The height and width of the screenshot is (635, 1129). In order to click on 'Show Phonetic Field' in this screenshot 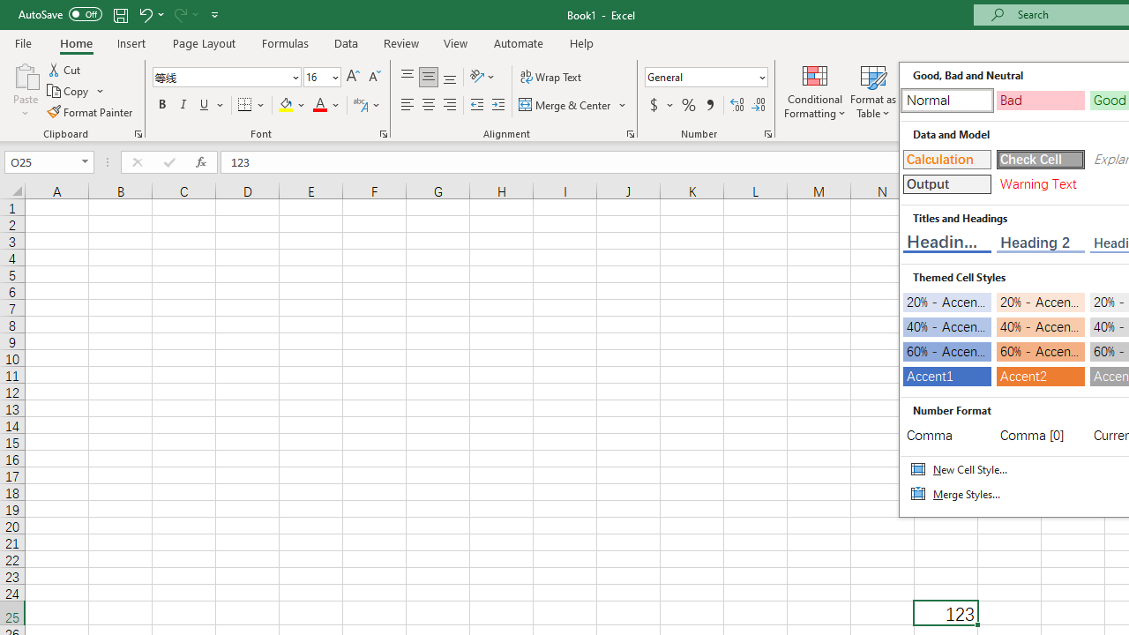, I will do `click(359, 105)`.